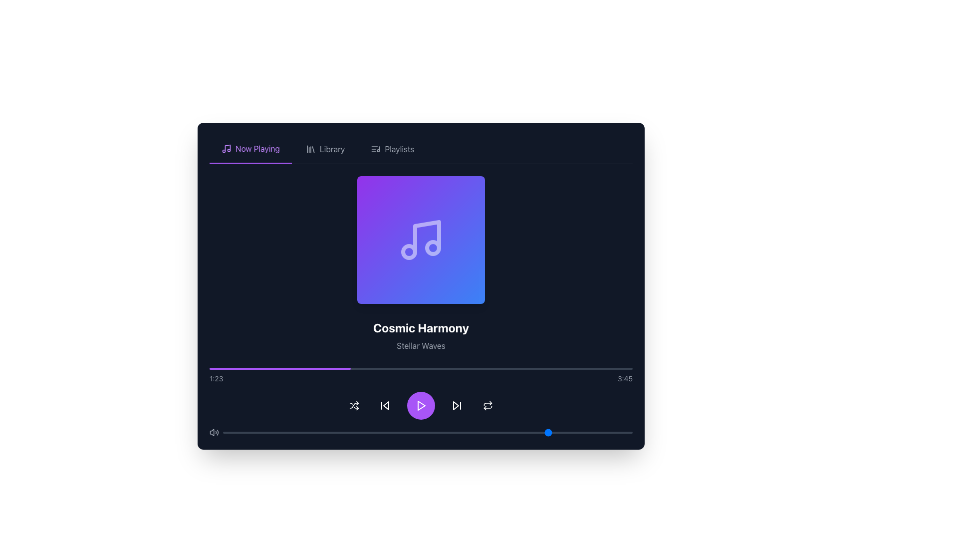  Describe the element at coordinates (375, 149) in the screenshot. I see `the 'Playlists' icon located to the left of the 'Playlists' text in the horizontal navigation bar` at that location.